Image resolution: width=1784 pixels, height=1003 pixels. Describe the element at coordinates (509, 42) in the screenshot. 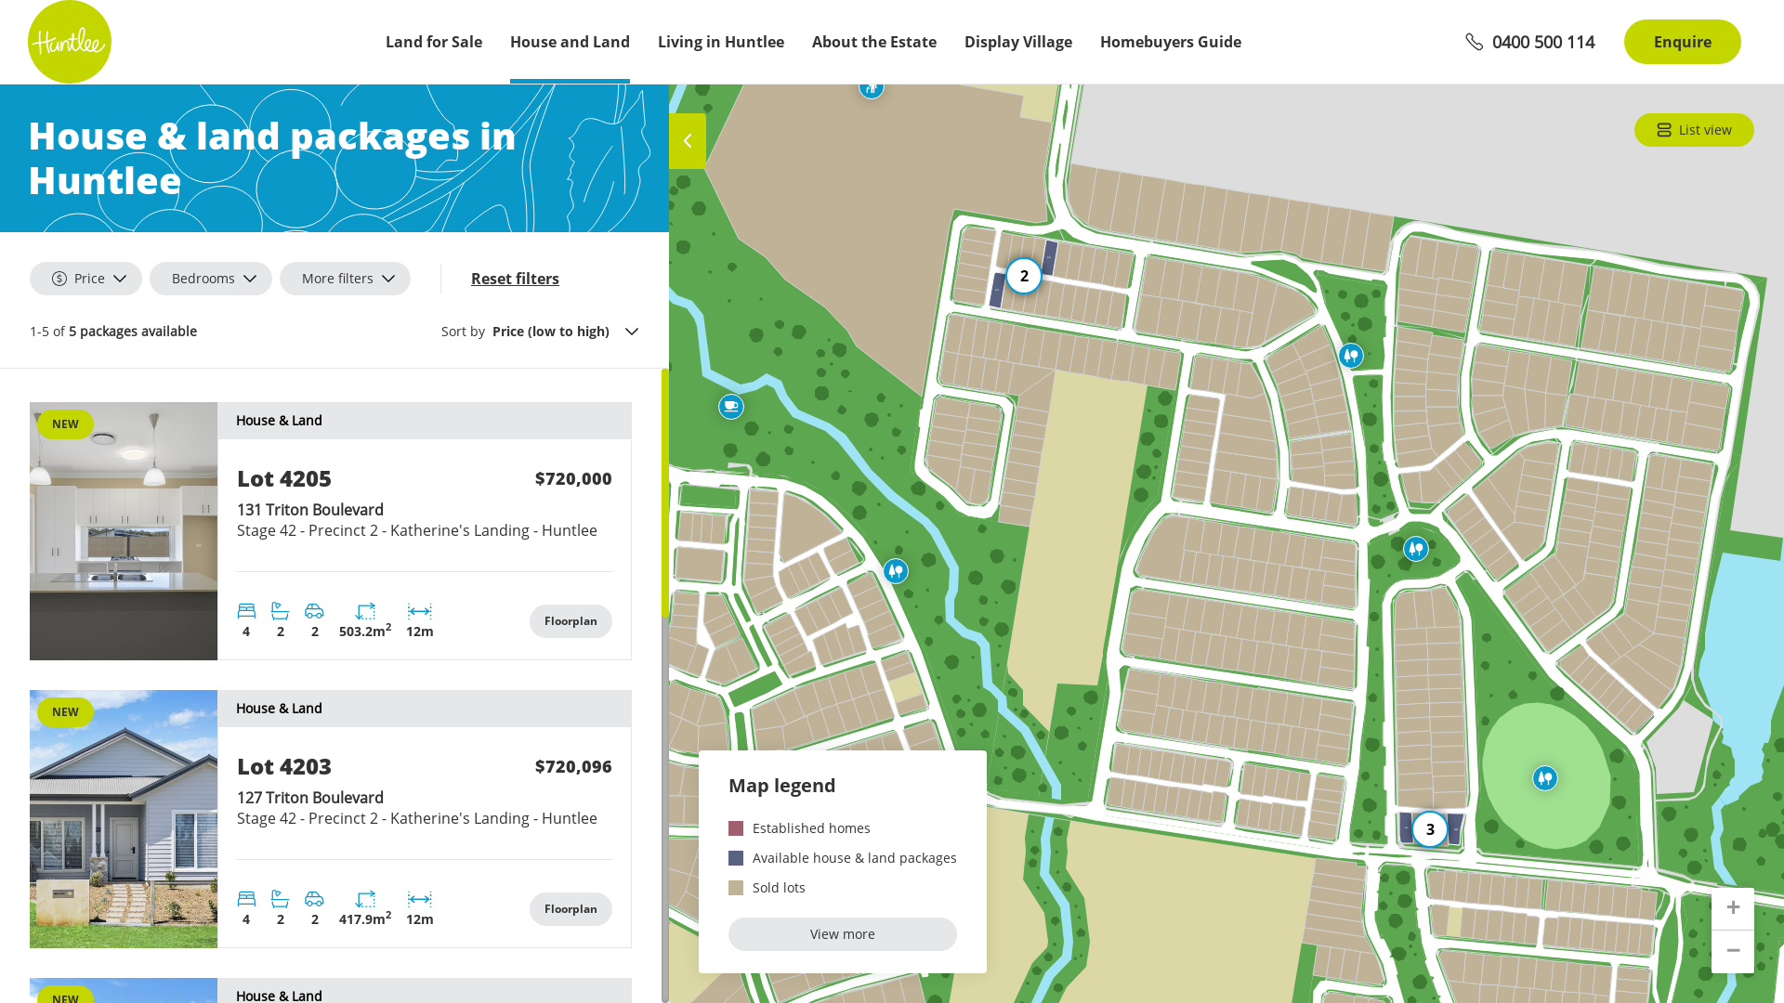

I see `'House and Land'` at that location.